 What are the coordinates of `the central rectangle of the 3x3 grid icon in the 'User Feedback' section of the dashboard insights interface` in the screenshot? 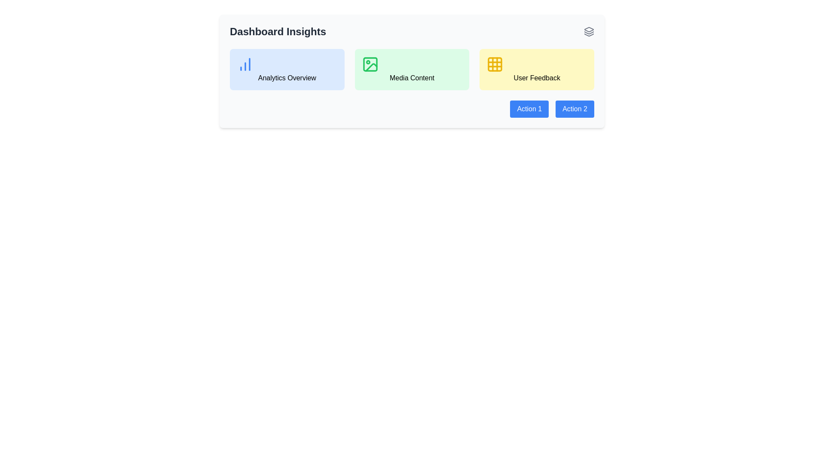 It's located at (495, 64).